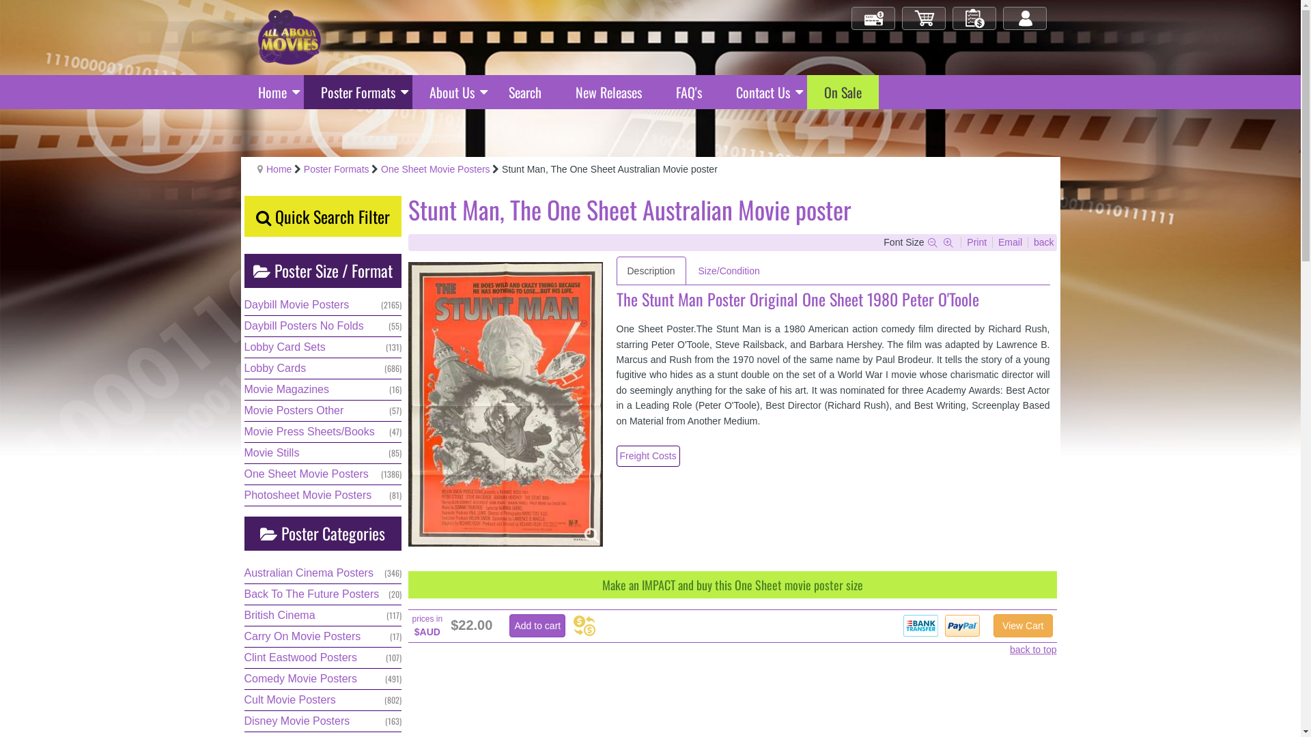 The width and height of the screenshot is (1311, 737). I want to click on 'My Orders', so click(974, 18).